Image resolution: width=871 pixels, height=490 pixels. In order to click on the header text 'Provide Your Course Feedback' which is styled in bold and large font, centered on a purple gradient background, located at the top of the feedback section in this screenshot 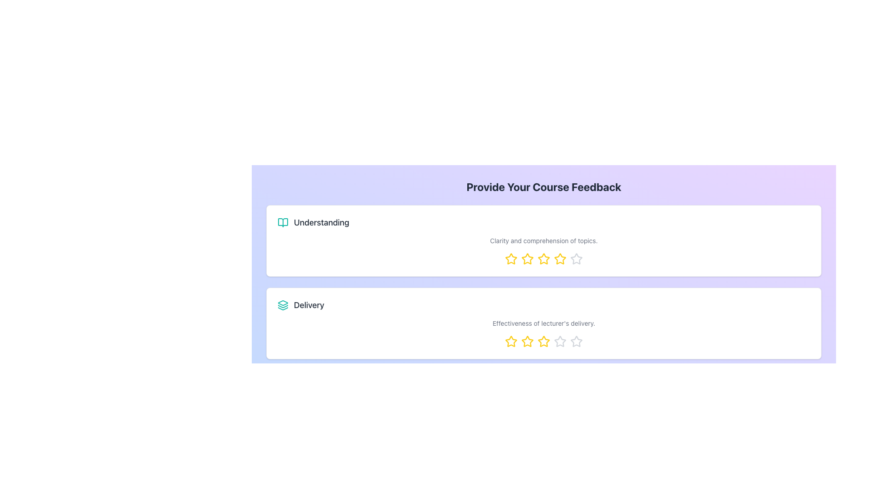, I will do `click(544, 186)`.